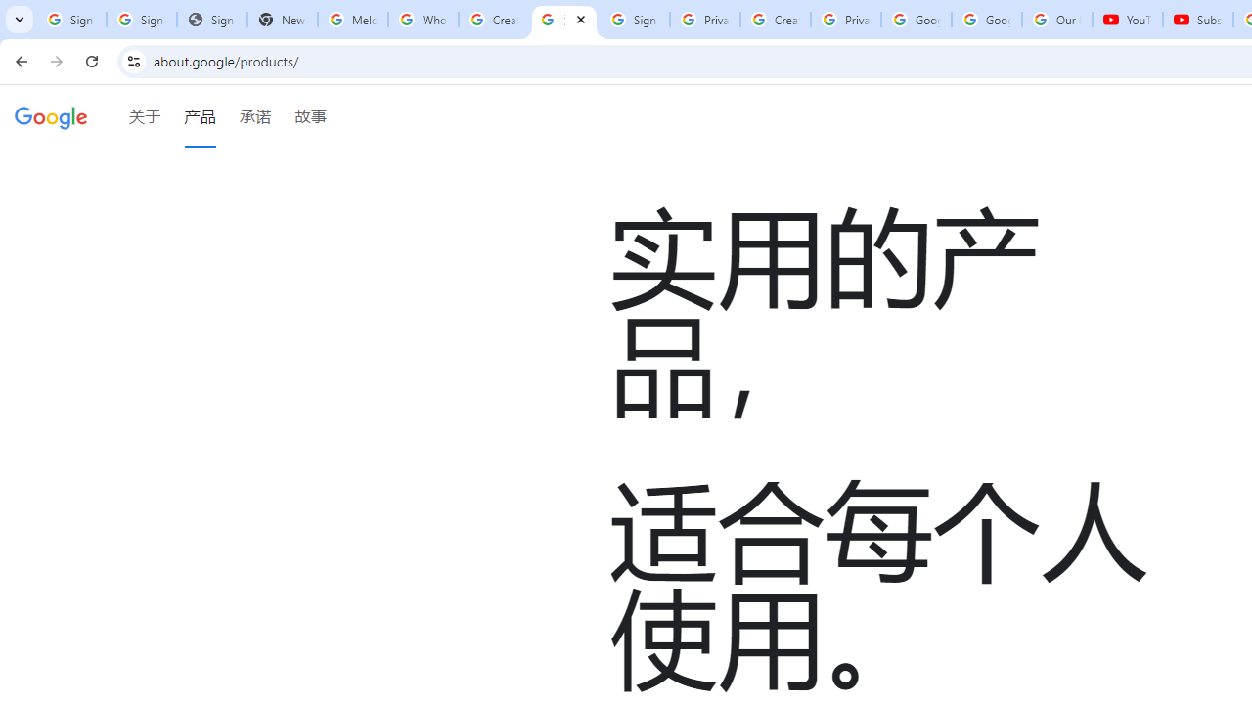 The height and width of the screenshot is (704, 1252). Describe the element at coordinates (51, 116) in the screenshot. I see `'Google'` at that location.